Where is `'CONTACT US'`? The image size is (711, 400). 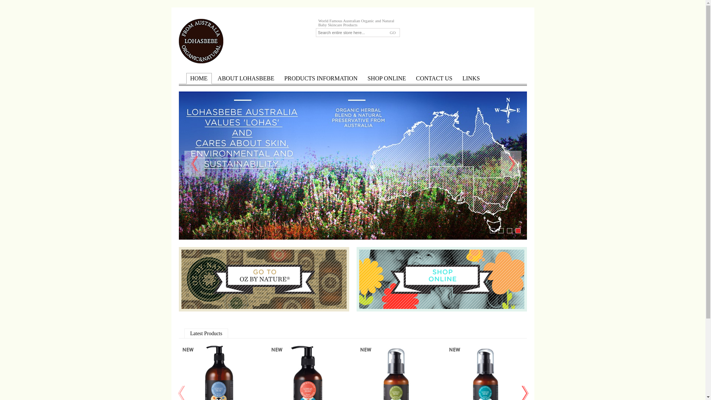
'CONTACT US' is located at coordinates (434, 78).